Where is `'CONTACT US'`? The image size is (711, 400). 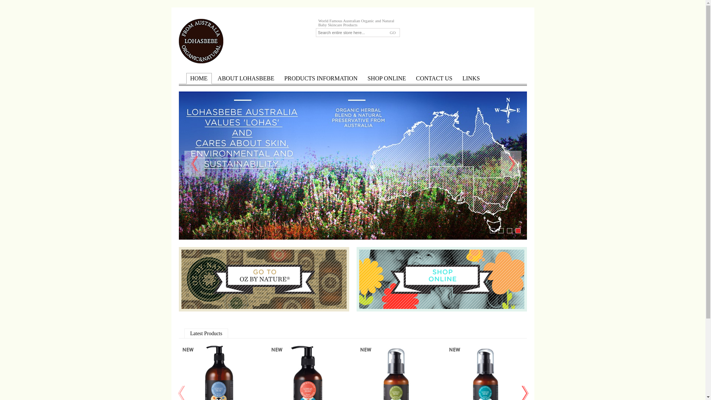
'CONTACT US' is located at coordinates (434, 78).